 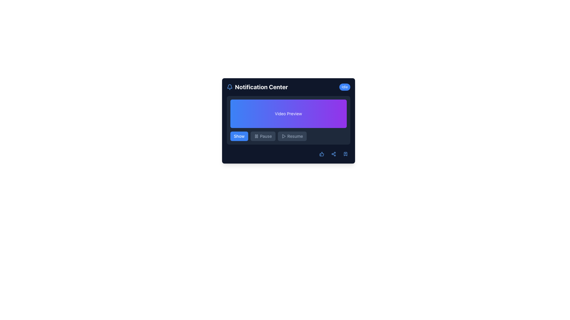 I want to click on the Icon Button located in the notification center, which is the second button from the right in the panel's horizontal footer button group, so click(x=333, y=154).